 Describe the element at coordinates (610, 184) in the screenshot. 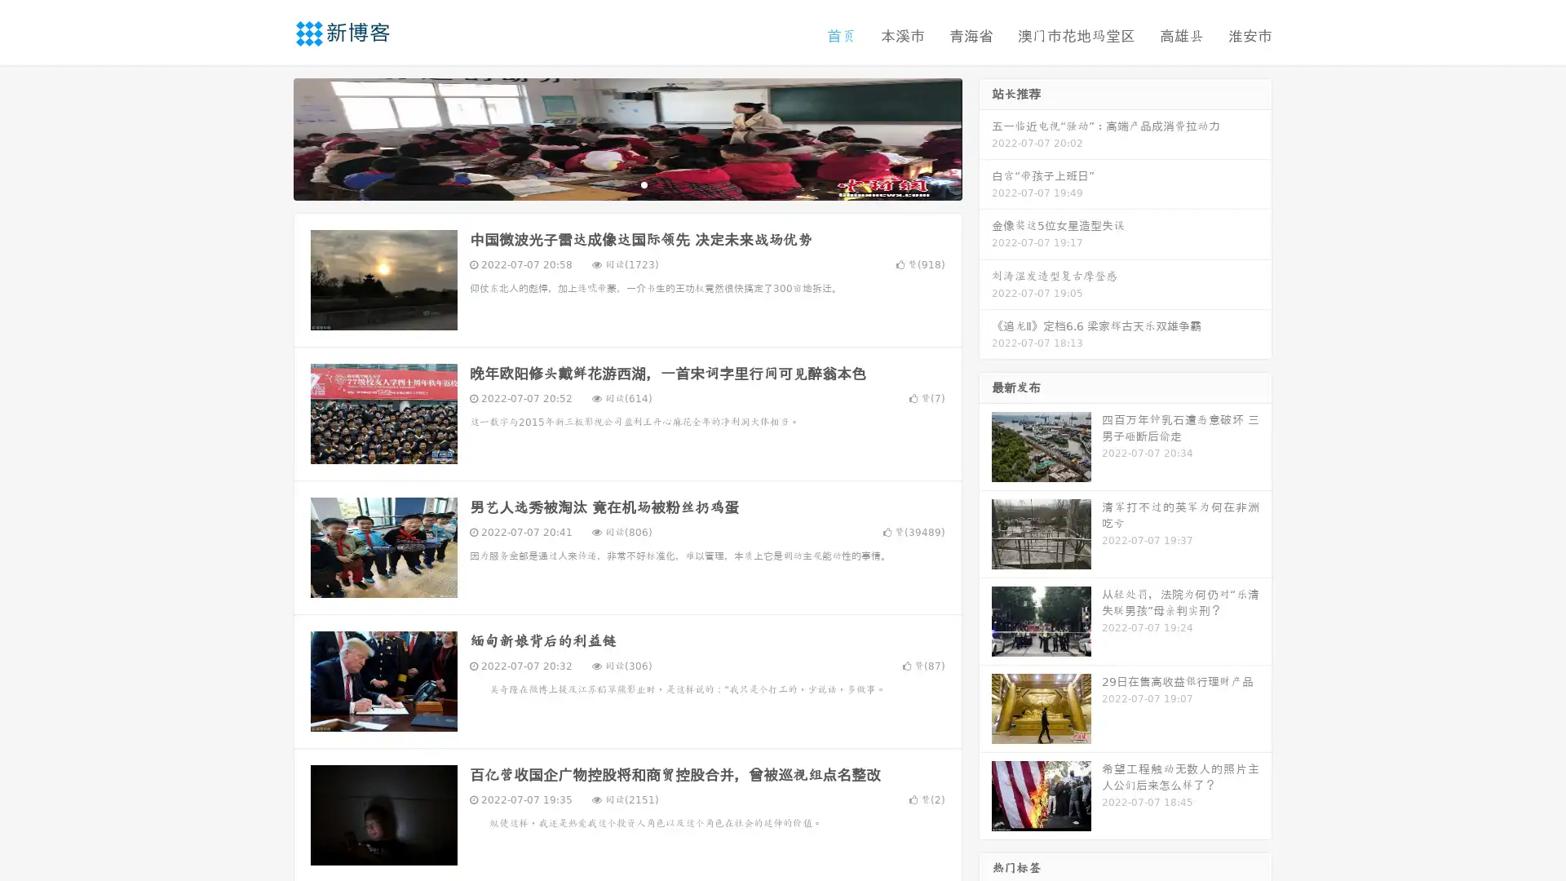

I see `Go to slide 1` at that location.